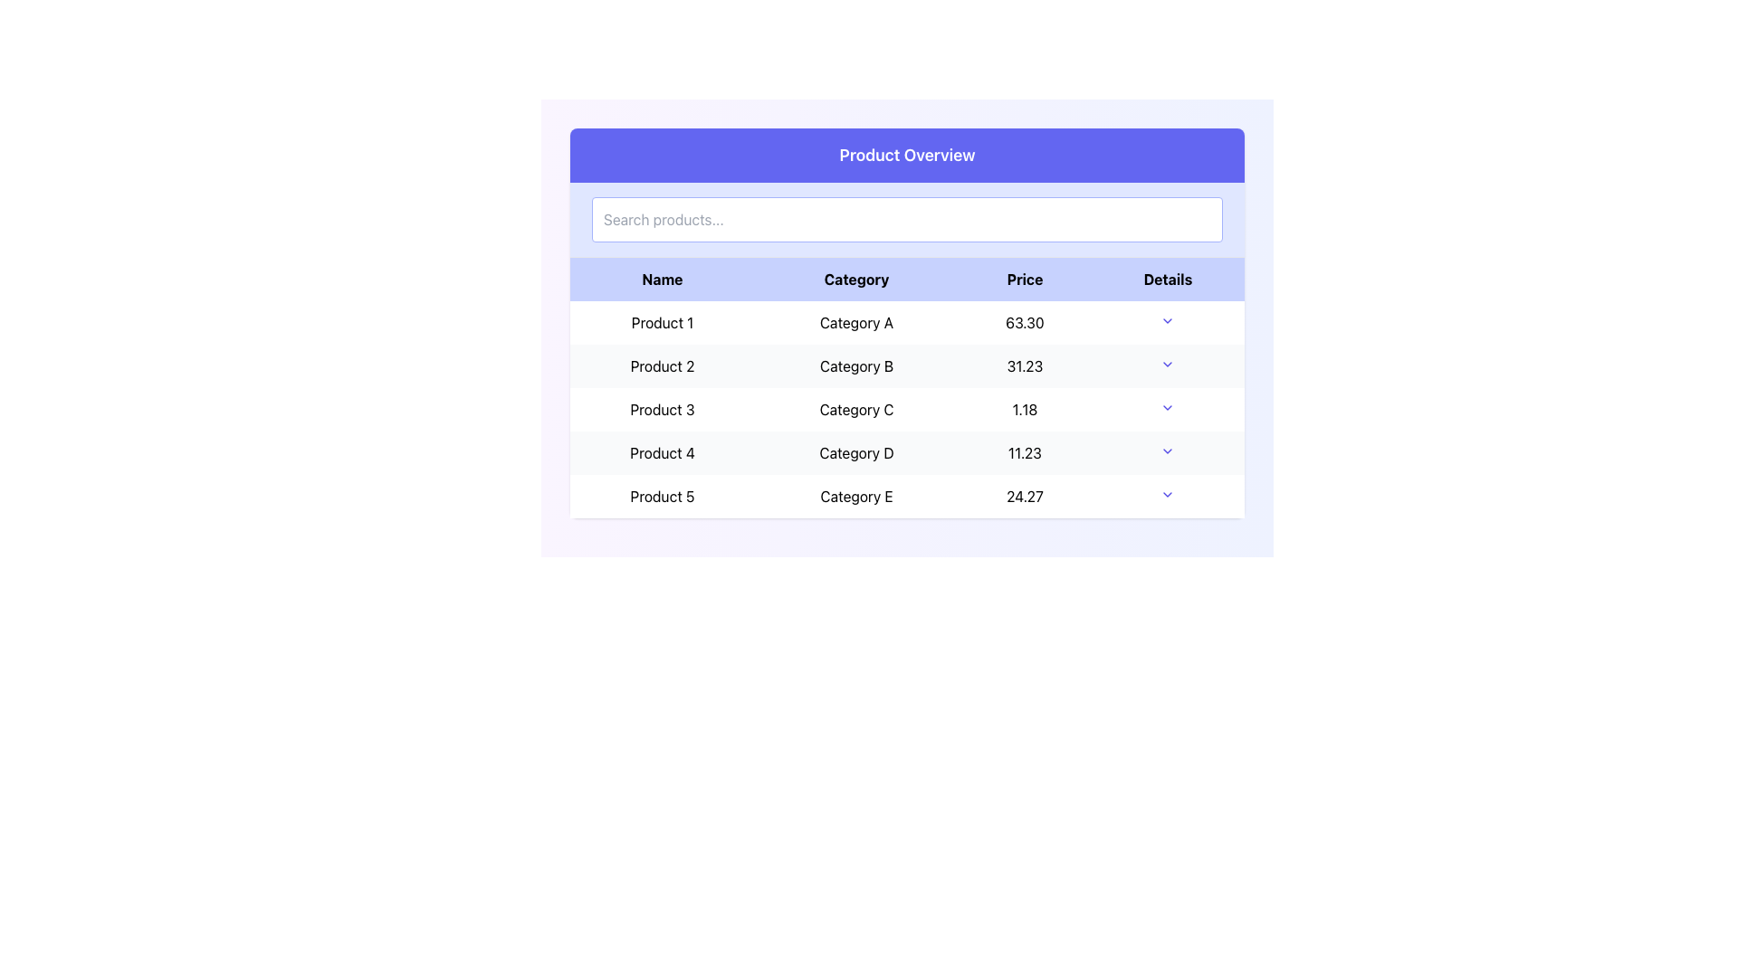 Image resolution: width=1738 pixels, height=977 pixels. What do you see at coordinates (662, 366) in the screenshot?
I see `the text element that serves as a display identifier for the product in the second row of the table under the 'Name' column` at bounding box center [662, 366].